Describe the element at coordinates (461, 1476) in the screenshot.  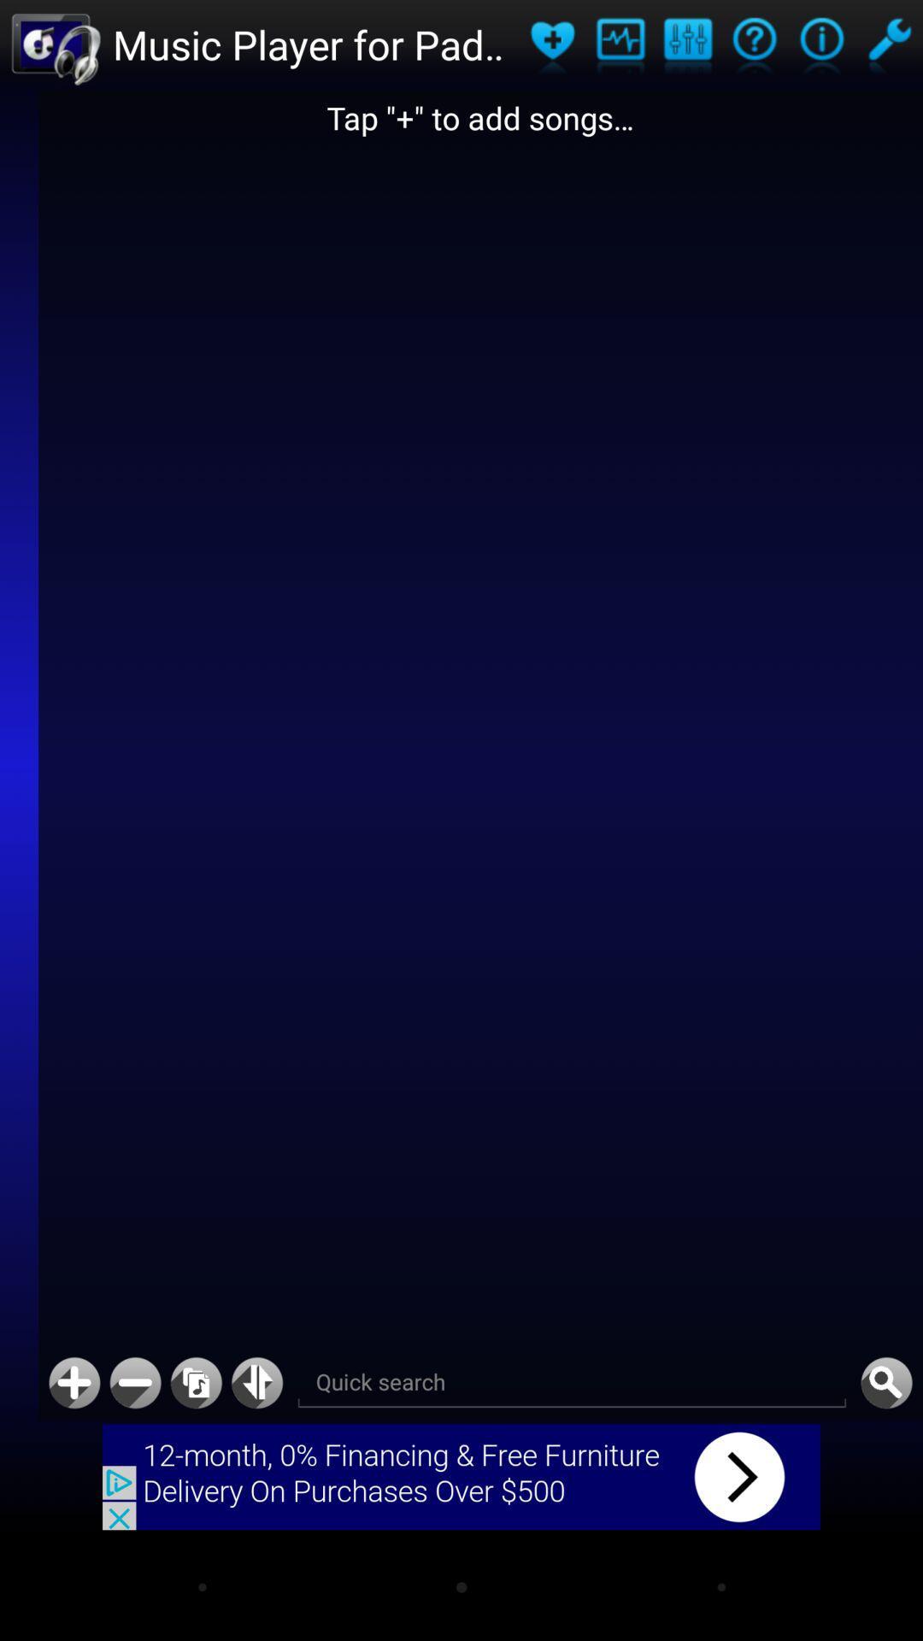
I see `advertisement` at that location.